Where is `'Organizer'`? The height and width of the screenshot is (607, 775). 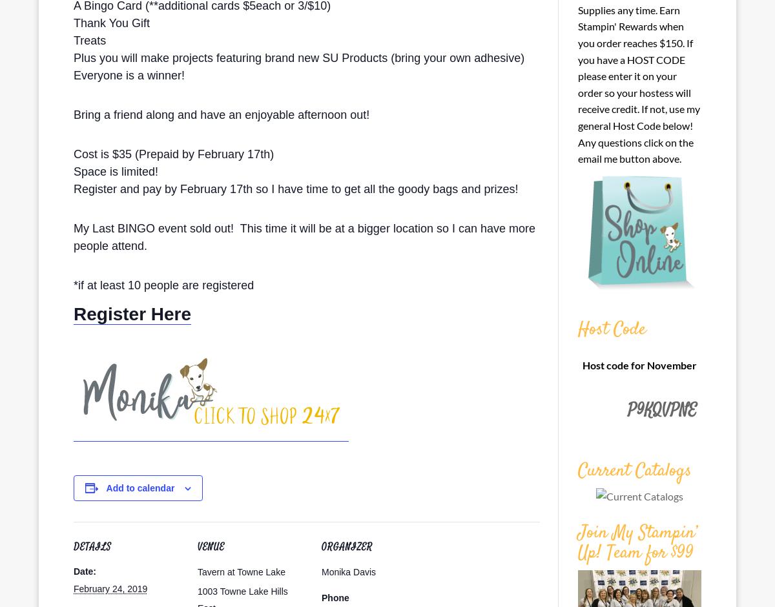
'Organizer' is located at coordinates (321, 546).